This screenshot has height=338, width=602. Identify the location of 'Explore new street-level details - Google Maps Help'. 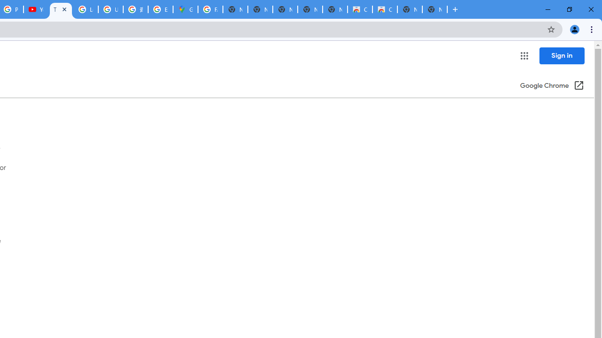
(160, 9).